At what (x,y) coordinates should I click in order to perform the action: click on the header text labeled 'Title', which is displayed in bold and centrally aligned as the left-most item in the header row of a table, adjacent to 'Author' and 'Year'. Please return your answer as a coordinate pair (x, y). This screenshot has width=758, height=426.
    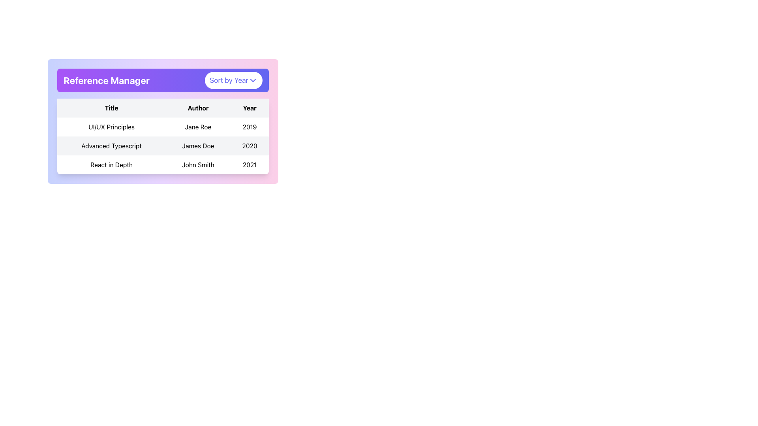
    Looking at the image, I should click on (111, 108).